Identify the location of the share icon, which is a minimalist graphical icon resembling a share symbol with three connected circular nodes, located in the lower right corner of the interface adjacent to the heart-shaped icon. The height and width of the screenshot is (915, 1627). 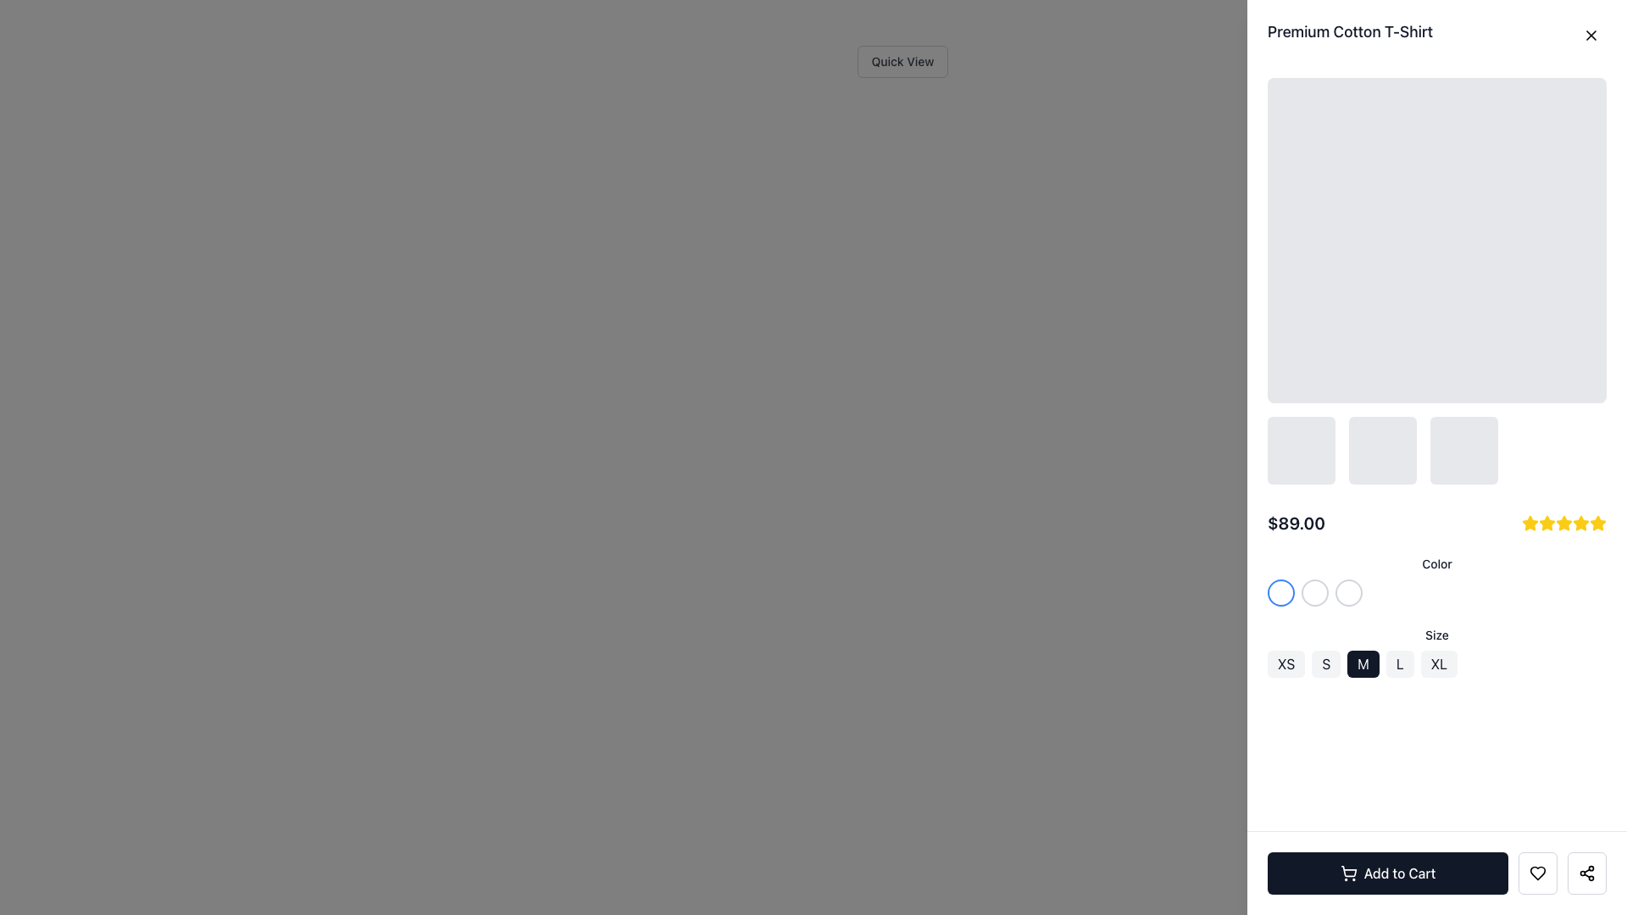
(1585, 873).